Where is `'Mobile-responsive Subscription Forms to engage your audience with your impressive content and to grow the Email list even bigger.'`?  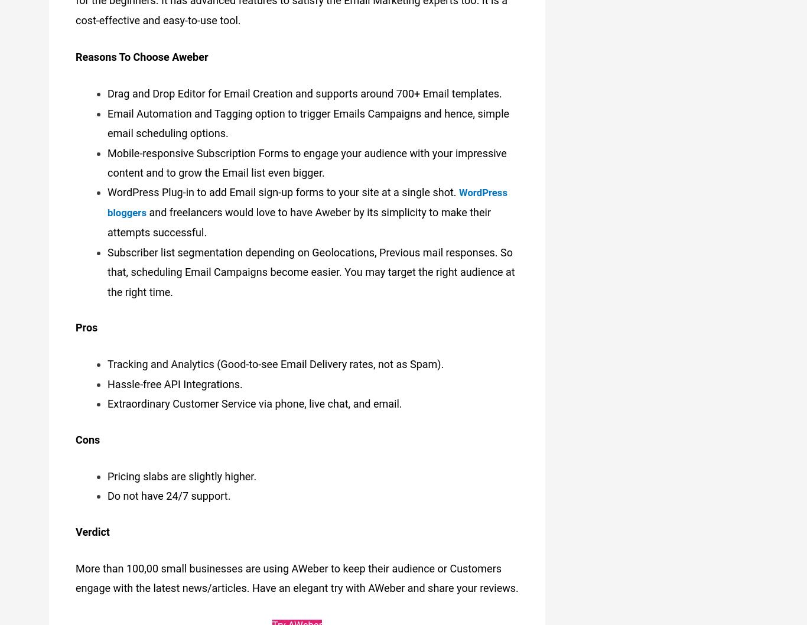
'Mobile-responsive Subscription Forms to engage your audience with your impressive content and to grow the Email list even bigger.' is located at coordinates (307, 157).